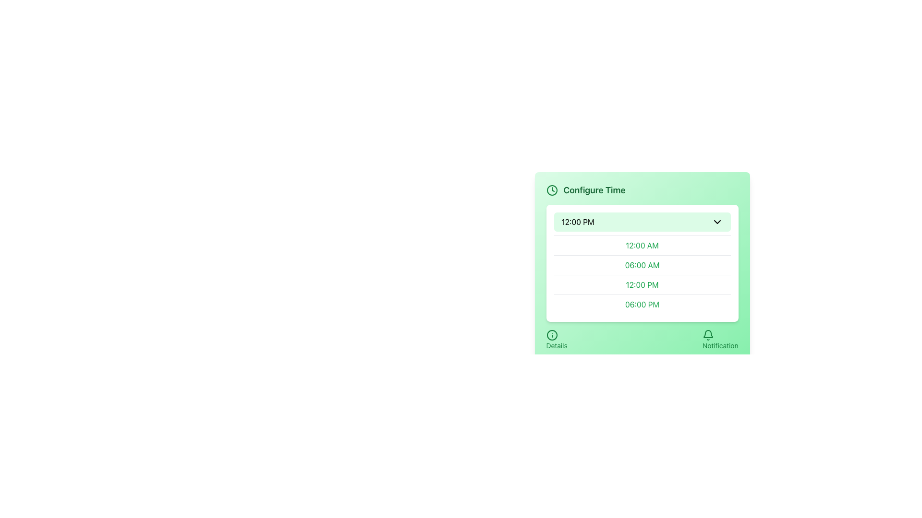 The height and width of the screenshot is (518, 922). What do you see at coordinates (552, 190) in the screenshot?
I see `the non-interactive circle SVG element that is part of the clock icon located in the top-left area of the time configuration panel` at bounding box center [552, 190].